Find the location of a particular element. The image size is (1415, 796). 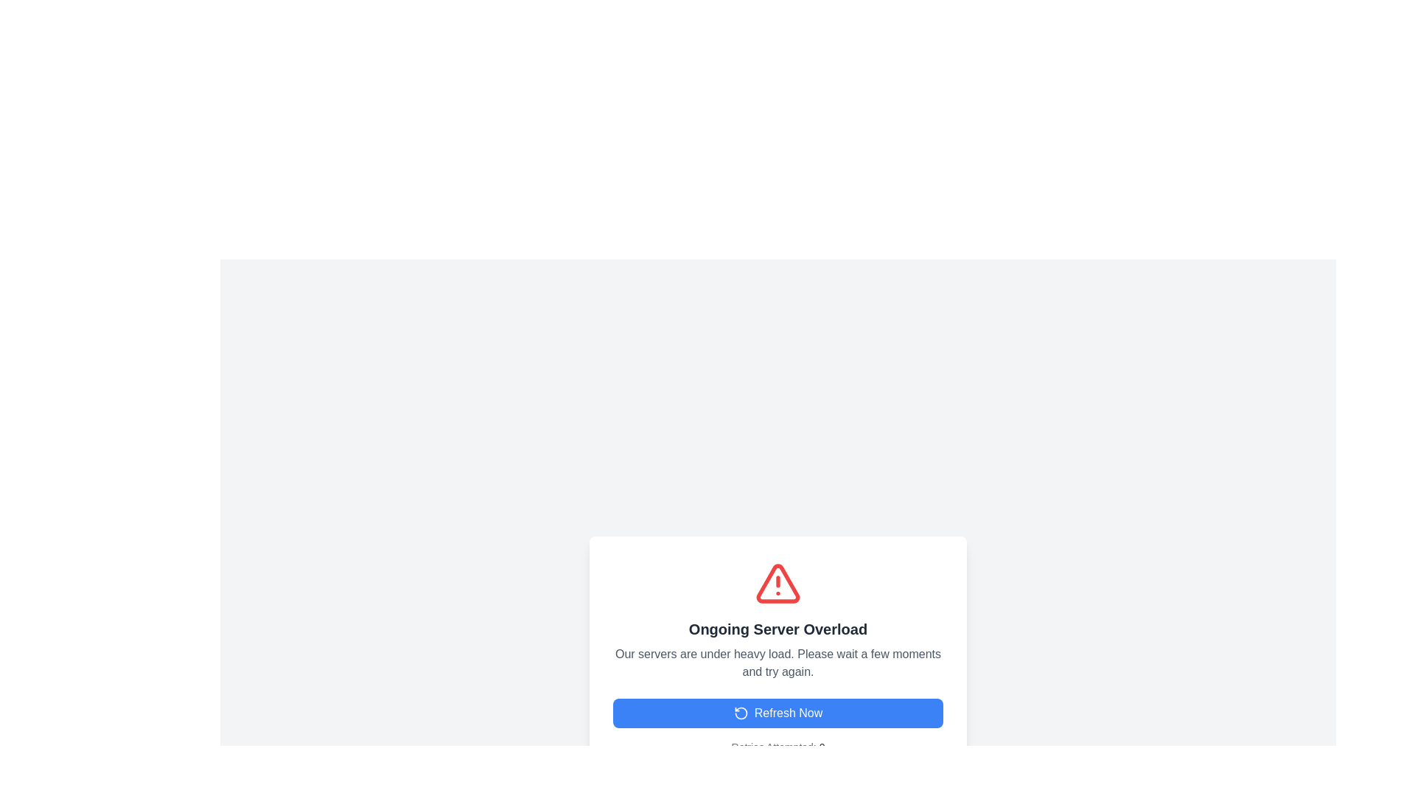

the informational text label that requests users to wait during high server load situations, located below the 'Ongoing Server Overload' title and above the 'Refresh Now' button is located at coordinates (778, 662).